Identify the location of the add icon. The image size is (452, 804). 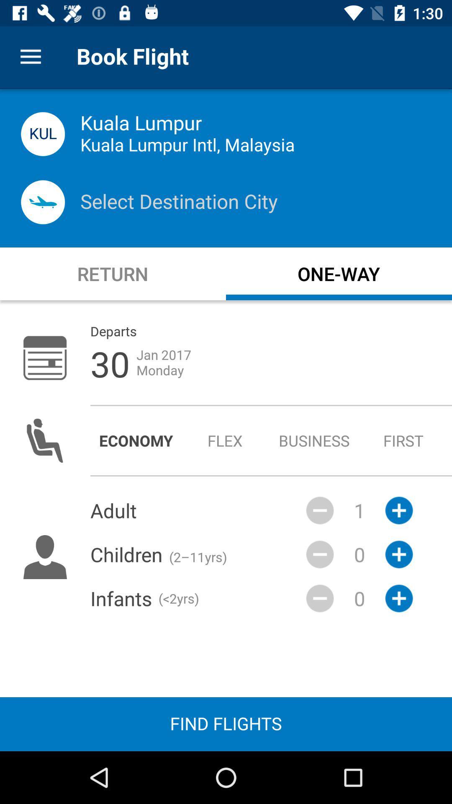
(398, 510).